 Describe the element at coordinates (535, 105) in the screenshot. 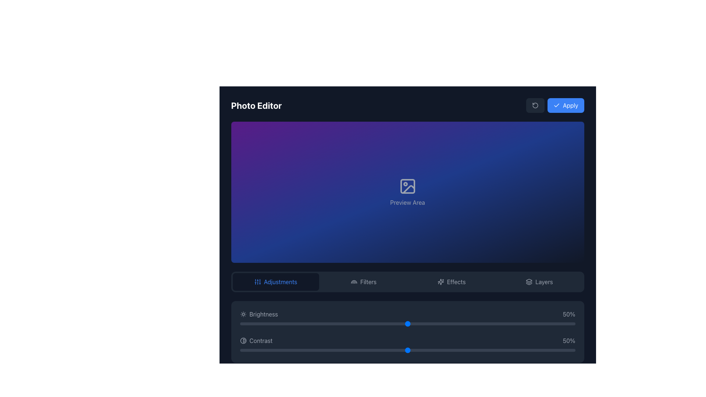

I see `the interactive circular arrow icon located at the top-right corner of the interface` at that location.